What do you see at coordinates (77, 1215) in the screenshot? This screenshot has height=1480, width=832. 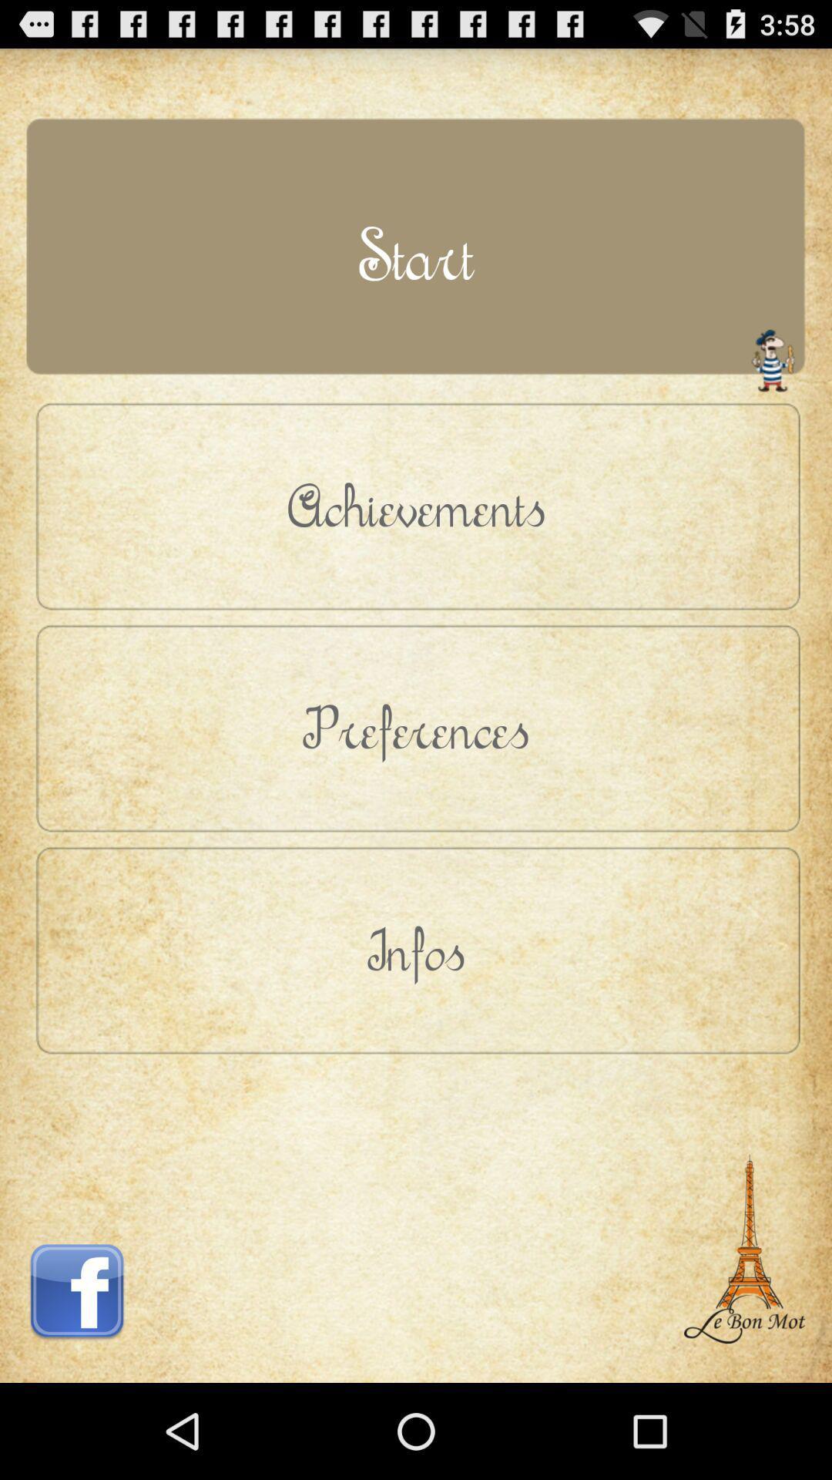 I see `icon at the bottom left corner` at bounding box center [77, 1215].